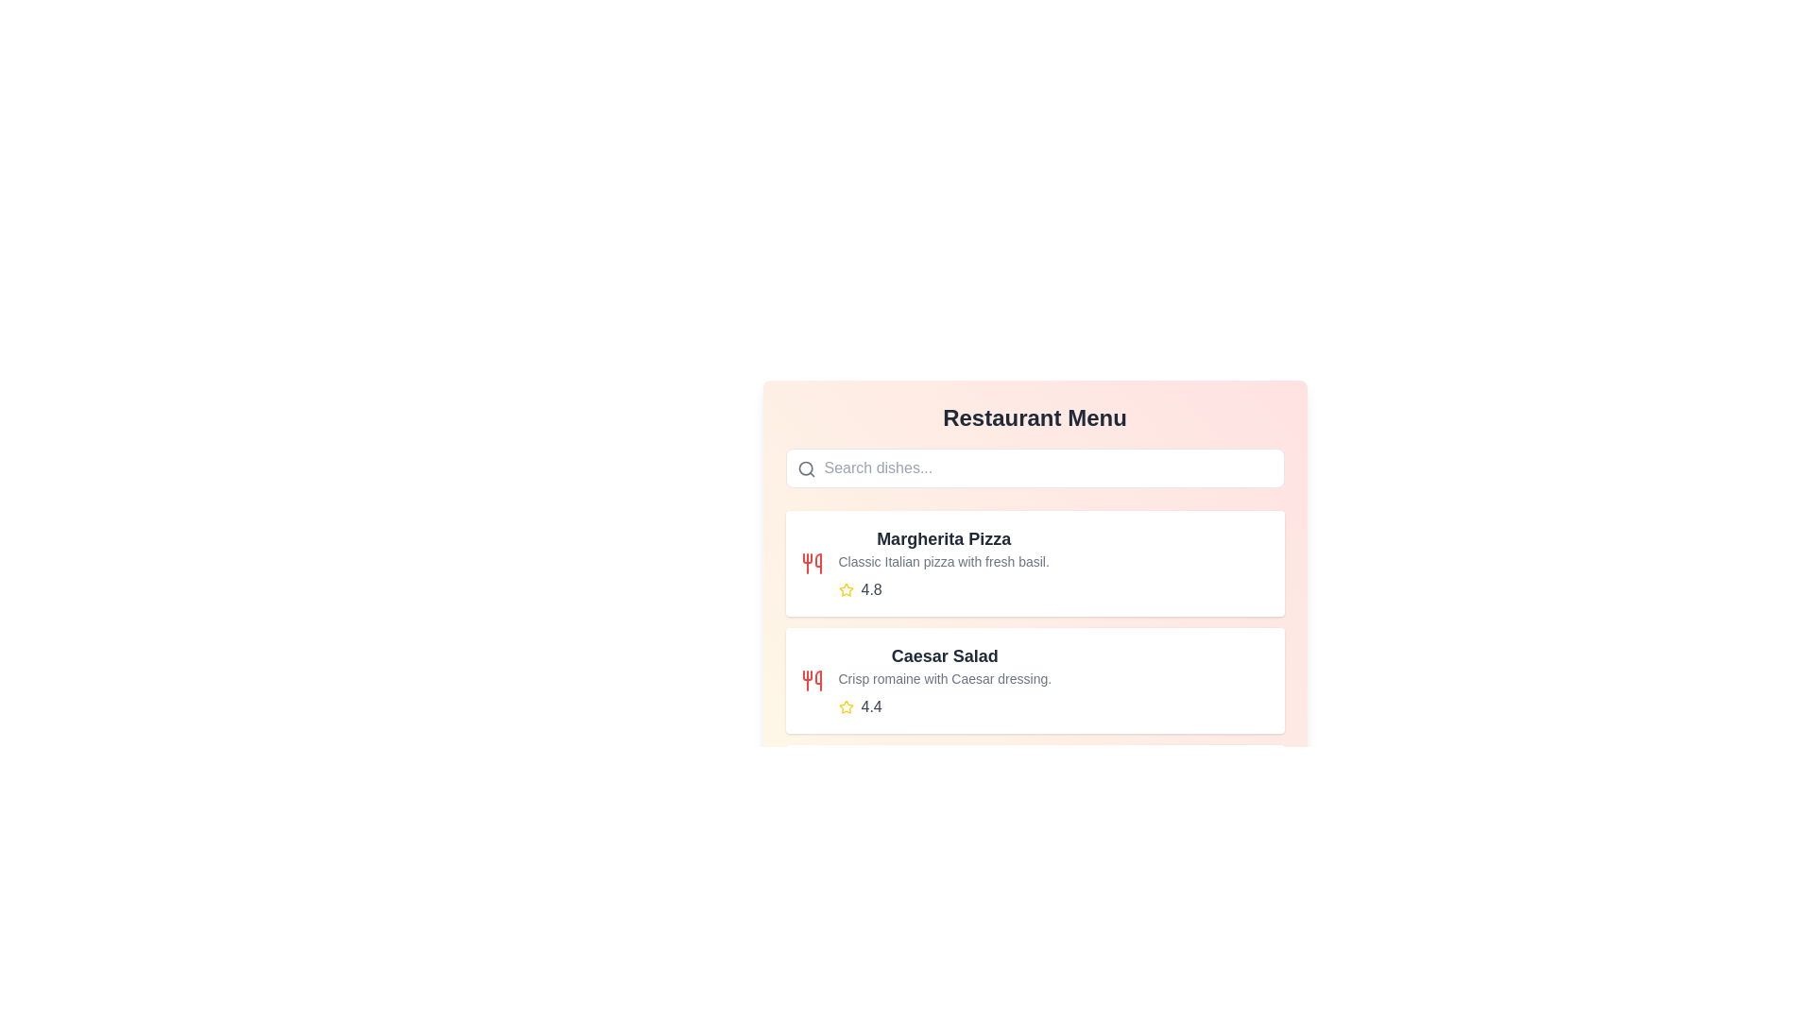 Image resolution: width=1814 pixels, height=1020 pixels. What do you see at coordinates (945, 677) in the screenshot?
I see `the text label styled with smaller text size and lighter gray color, located beneath the 'Caesar Salad' title and above the star rating` at bounding box center [945, 677].